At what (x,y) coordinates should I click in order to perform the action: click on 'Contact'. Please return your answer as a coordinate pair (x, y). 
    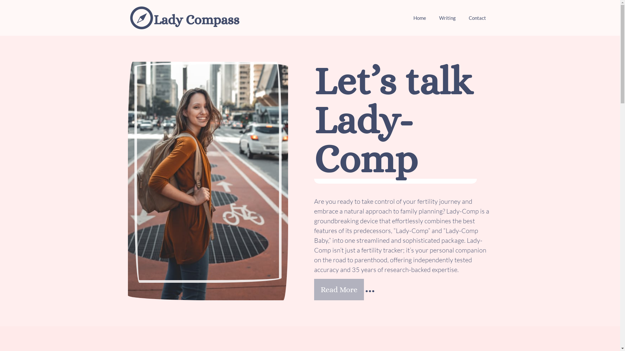
    Looking at the image, I should click on (477, 17).